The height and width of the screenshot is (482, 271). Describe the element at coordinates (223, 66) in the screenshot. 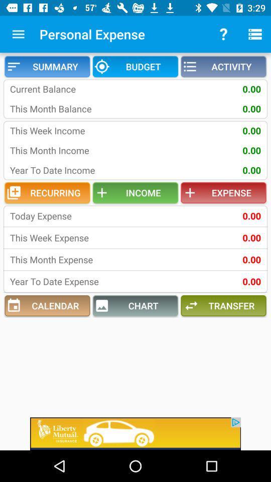

I see `the icon next to budget` at that location.